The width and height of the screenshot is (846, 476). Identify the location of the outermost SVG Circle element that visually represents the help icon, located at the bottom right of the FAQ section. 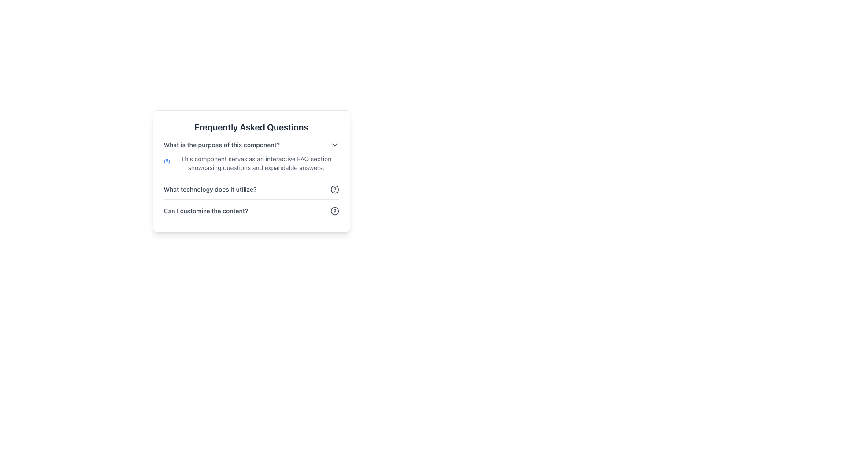
(334, 211).